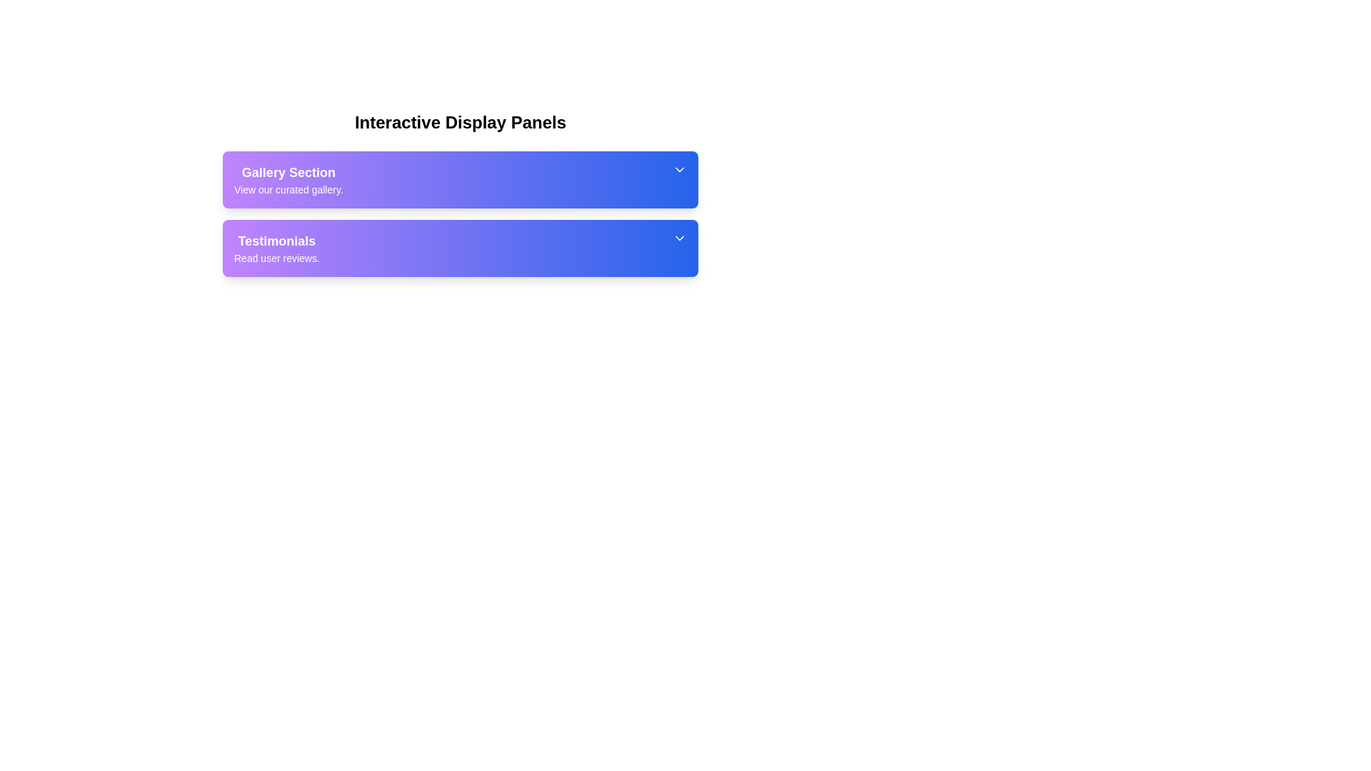 This screenshot has width=1371, height=771. Describe the element at coordinates (288, 172) in the screenshot. I see `the 'Gallery Section' label, which is a bold text label with a white font color on a gradient background from purple to blue, positioned at the top of the first section` at that location.